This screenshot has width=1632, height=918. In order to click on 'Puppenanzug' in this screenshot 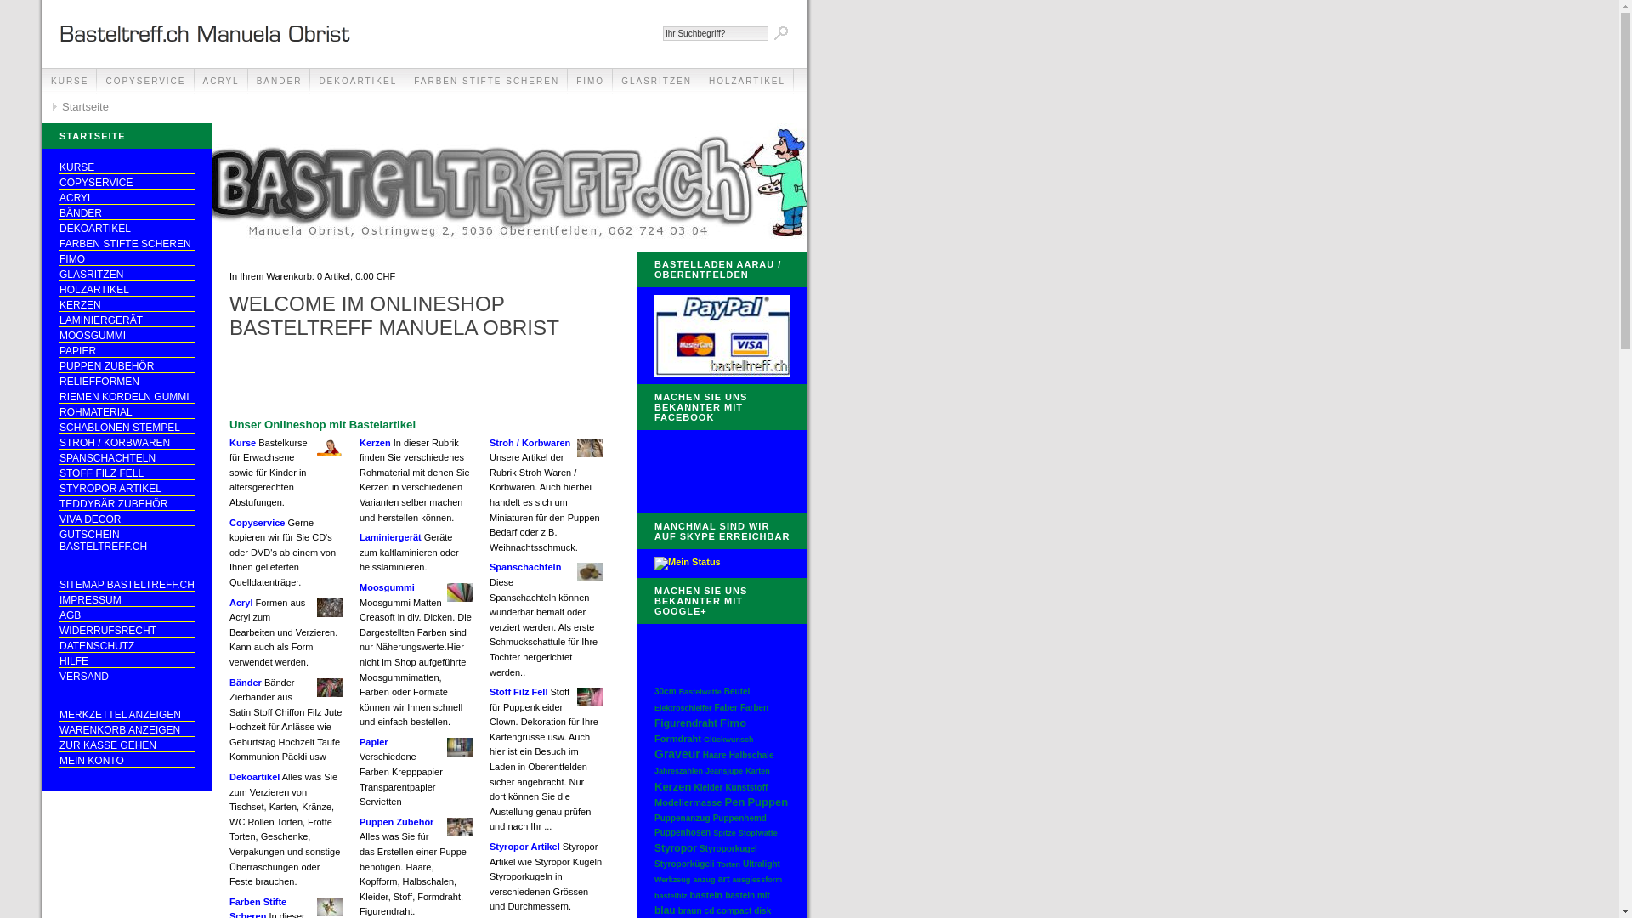, I will do `click(682, 817)`.